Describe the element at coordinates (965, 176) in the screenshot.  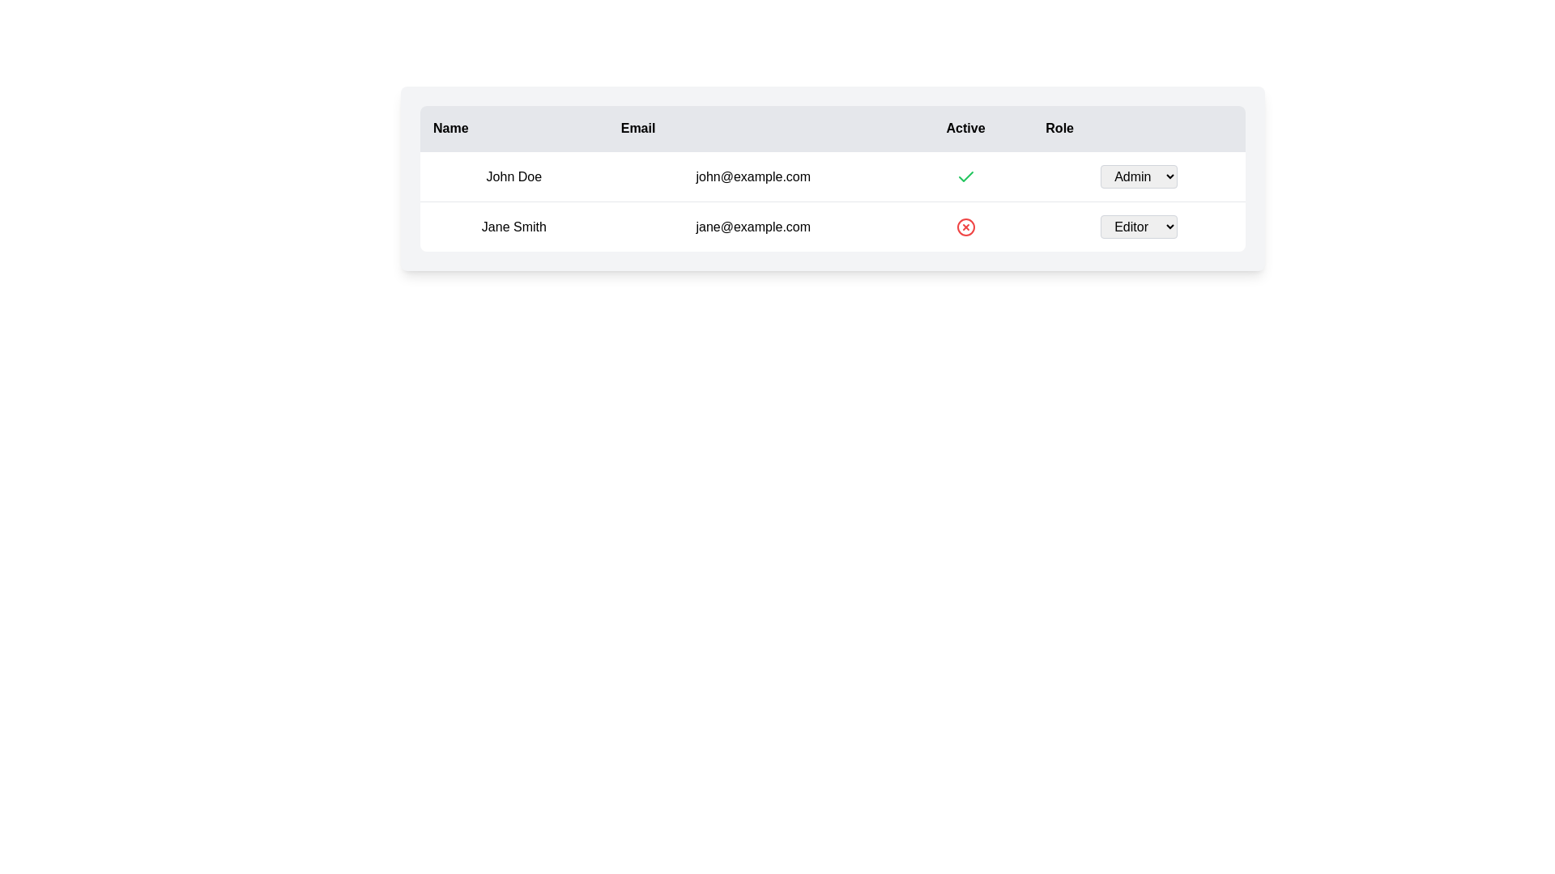
I see `the active status icon located in the third cell of the first row of the table, which is in the 'Active' column between the 'Email' and 'Role' columns` at that location.